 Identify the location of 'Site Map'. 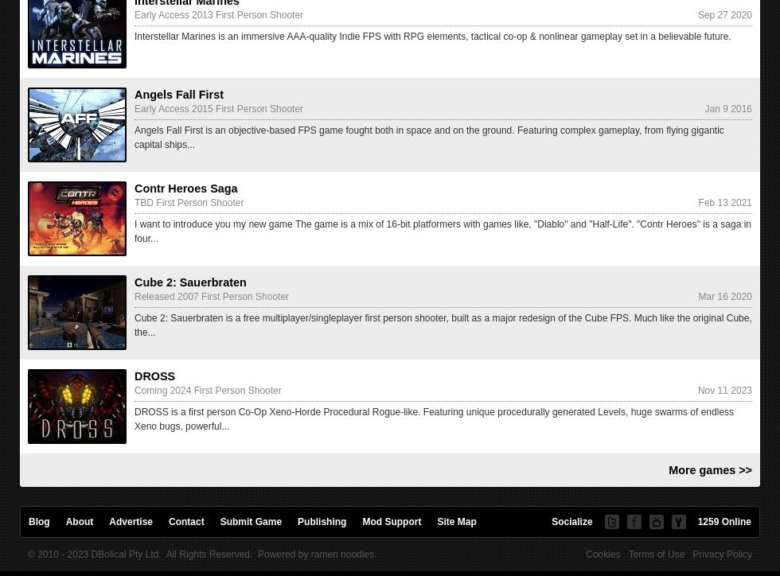
(436, 521).